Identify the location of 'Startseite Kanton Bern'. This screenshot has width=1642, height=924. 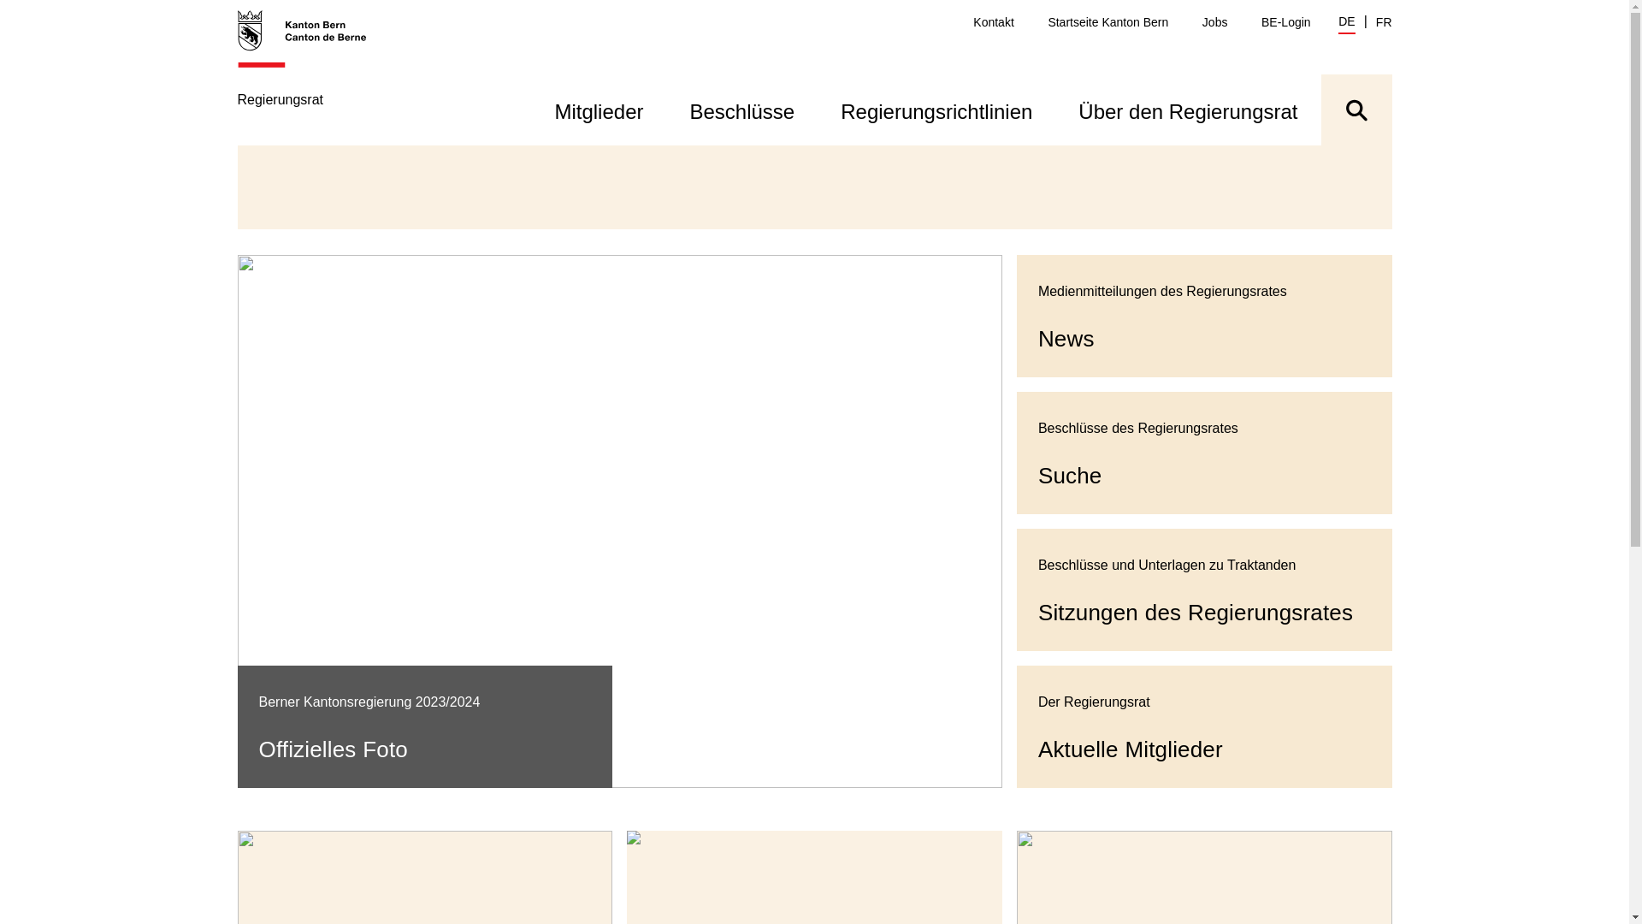
(1107, 22).